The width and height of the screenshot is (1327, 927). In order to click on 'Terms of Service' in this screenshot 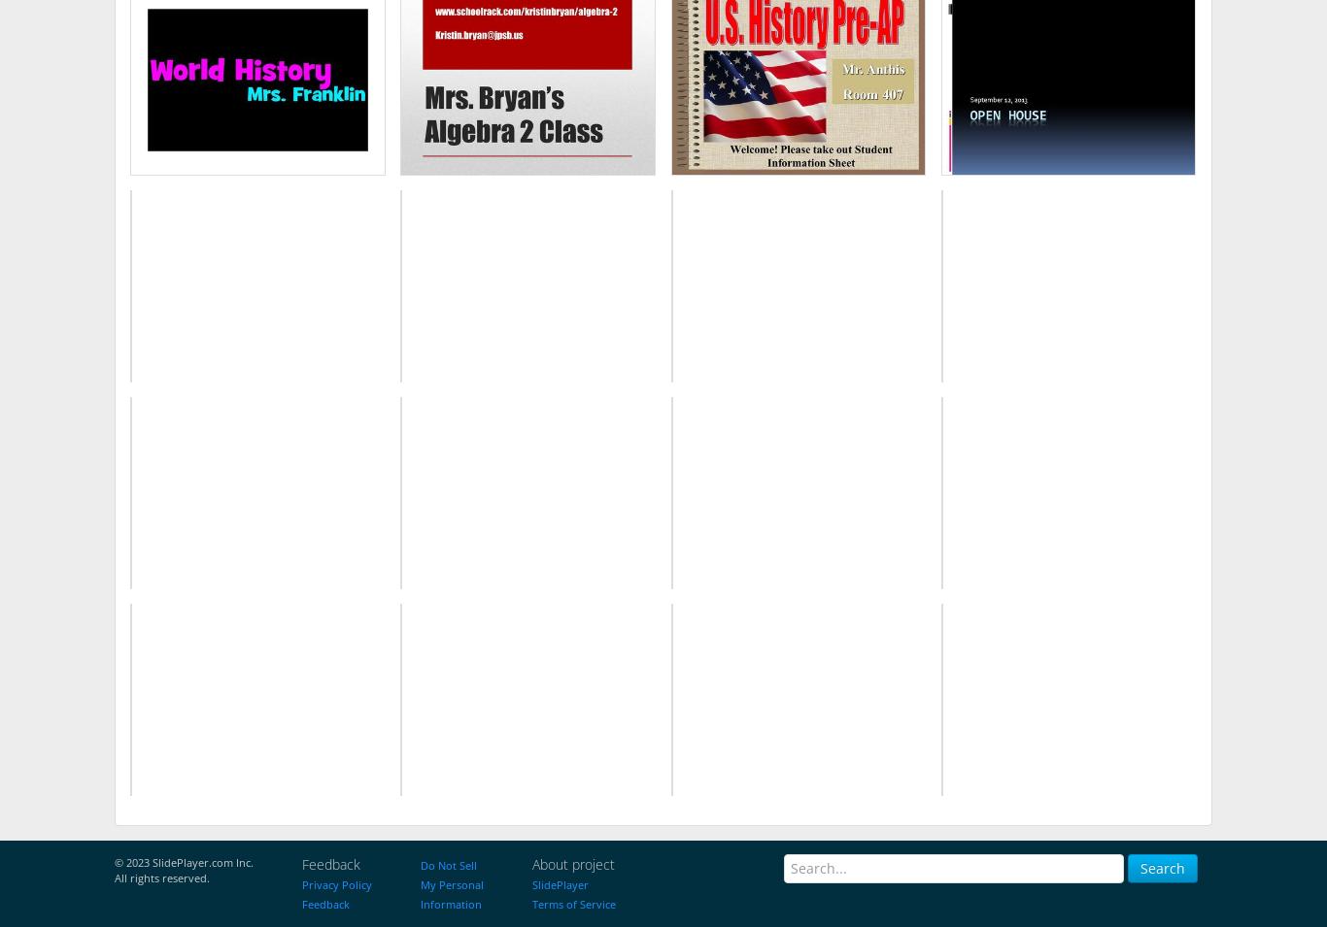, I will do `click(532, 903)`.